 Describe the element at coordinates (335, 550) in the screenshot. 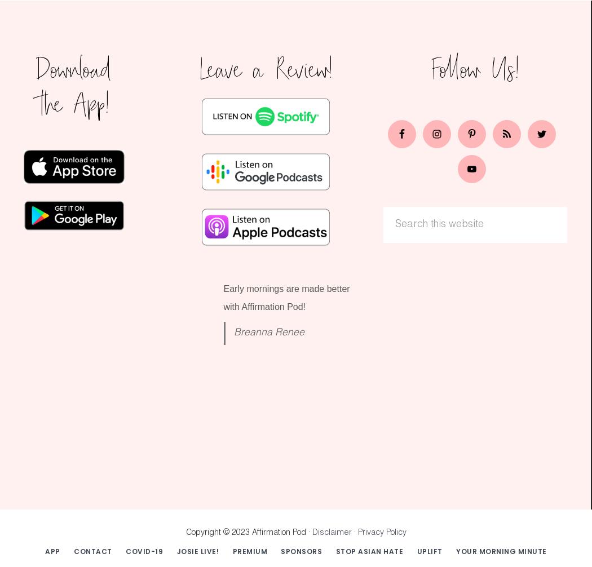

I see `'Stop Asian Hate'` at that location.